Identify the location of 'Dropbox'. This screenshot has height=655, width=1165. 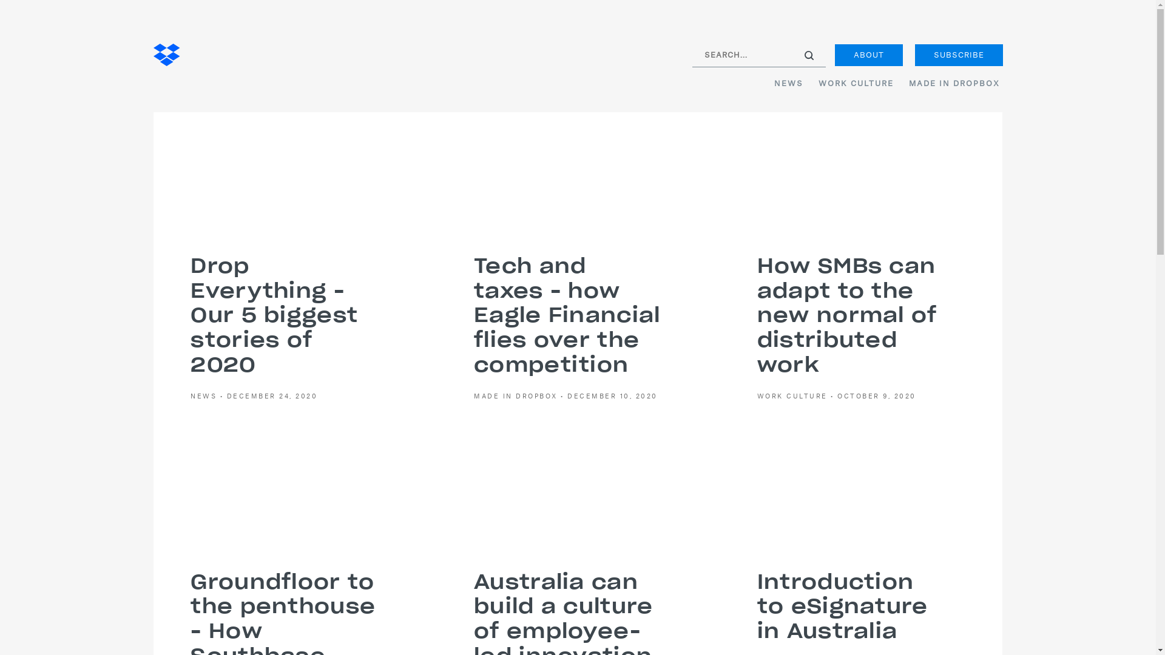
(165, 56).